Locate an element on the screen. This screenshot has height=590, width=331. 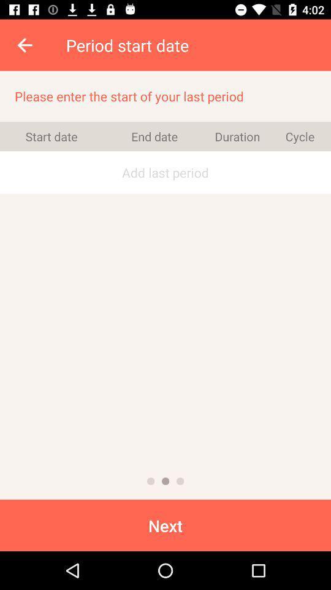
the item below the add last period icon is located at coordinates (165, 481).